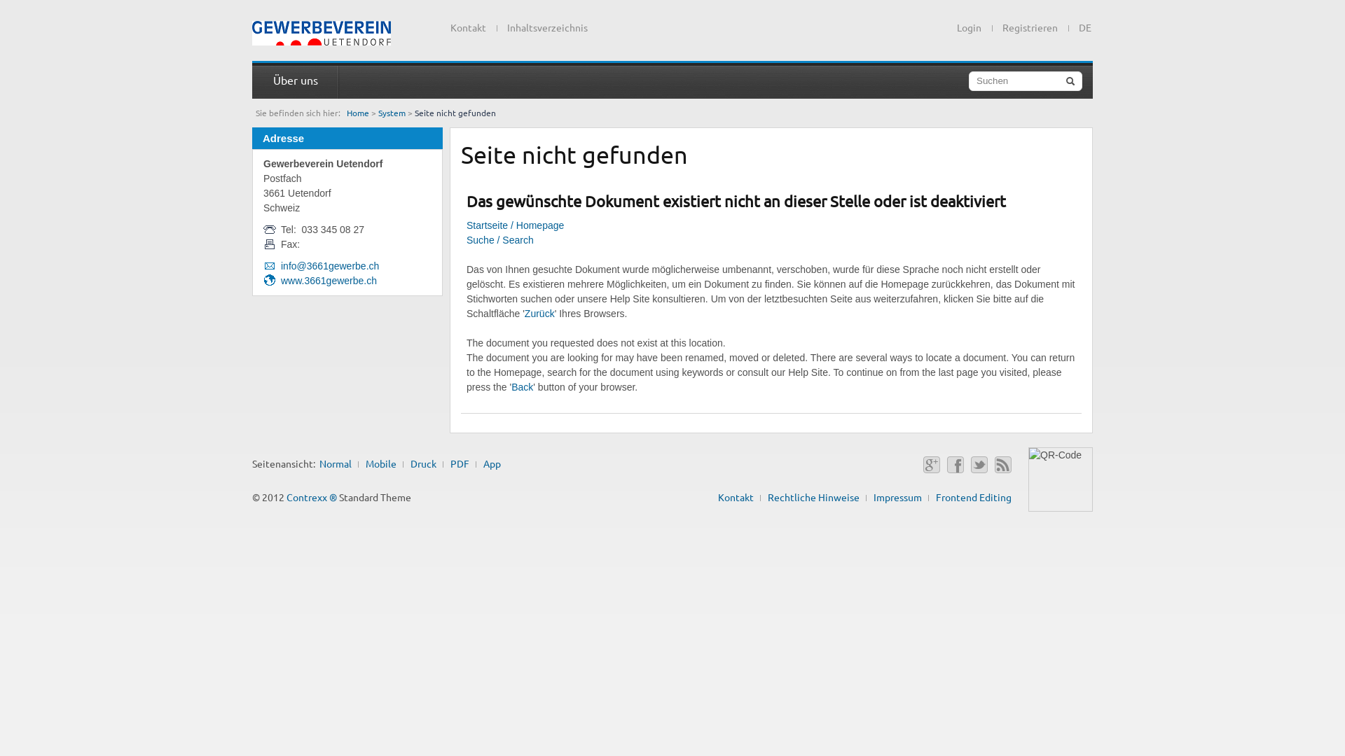 The width and height of the screenshot is (1345, 756). Describe the element at coordinates (1001, 27) in the screenshot. I see `'Registrieren'` at that location.